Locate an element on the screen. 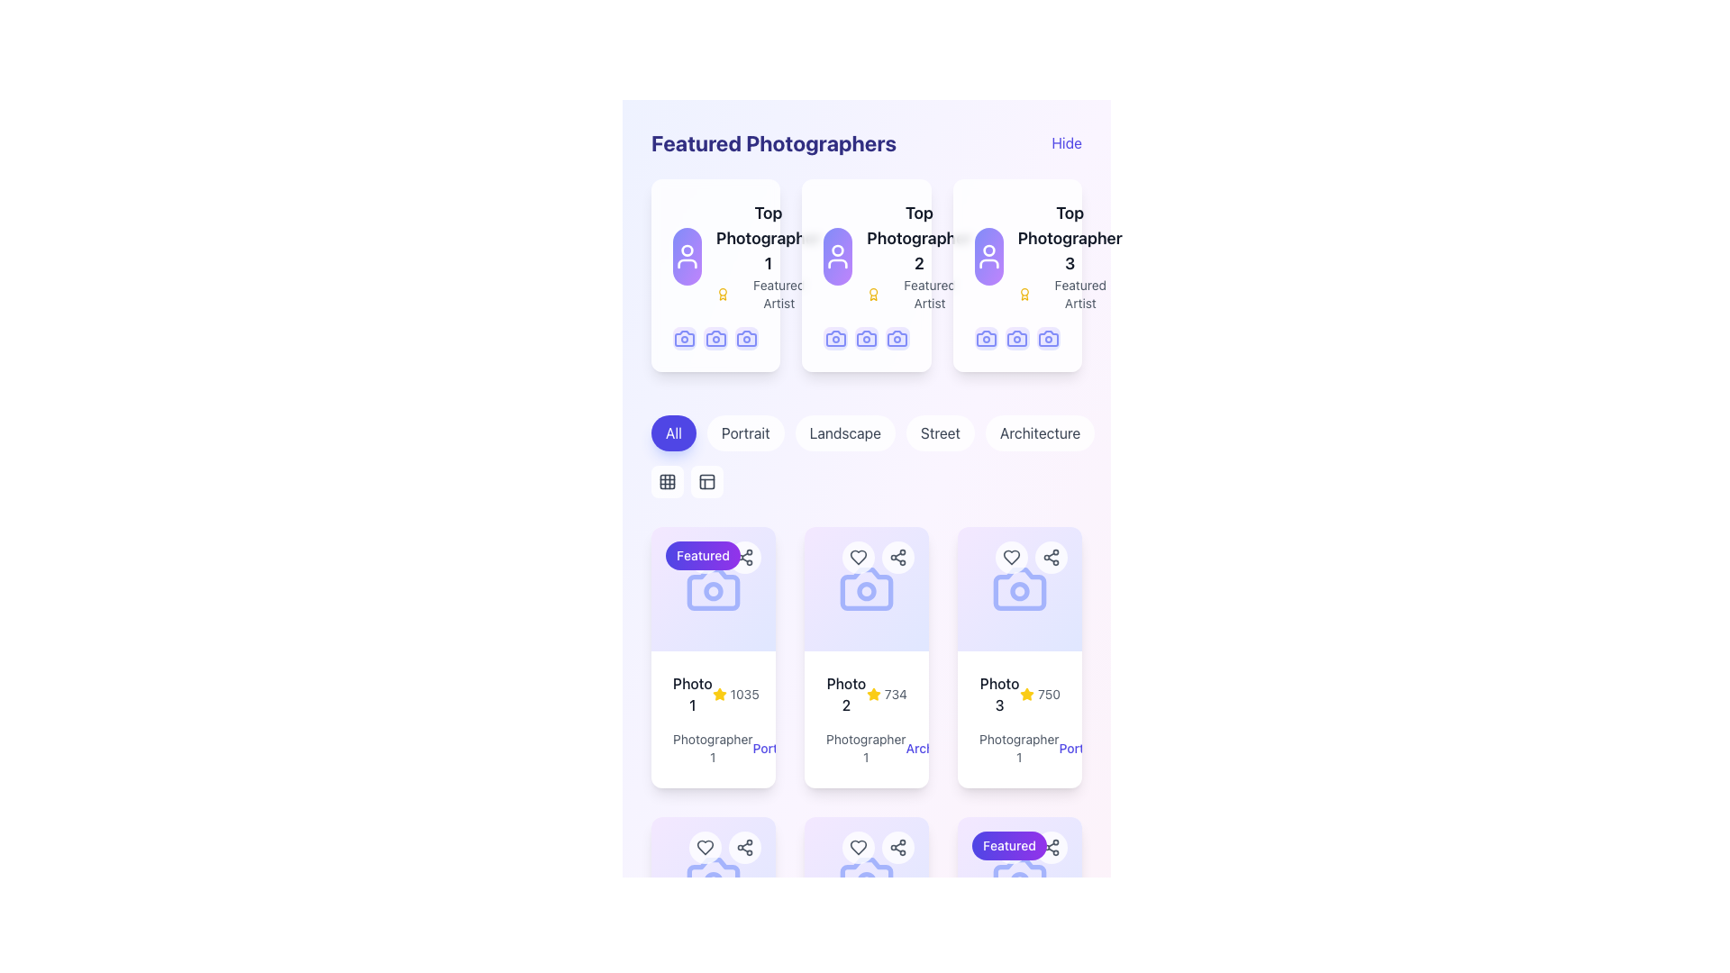 The image size is (1730, 973). the Rating display component that consists of a yellow star icon and the number '1035' in gray font, positioned to the right of 'Photo 1' is located at coordinates (735, 694).